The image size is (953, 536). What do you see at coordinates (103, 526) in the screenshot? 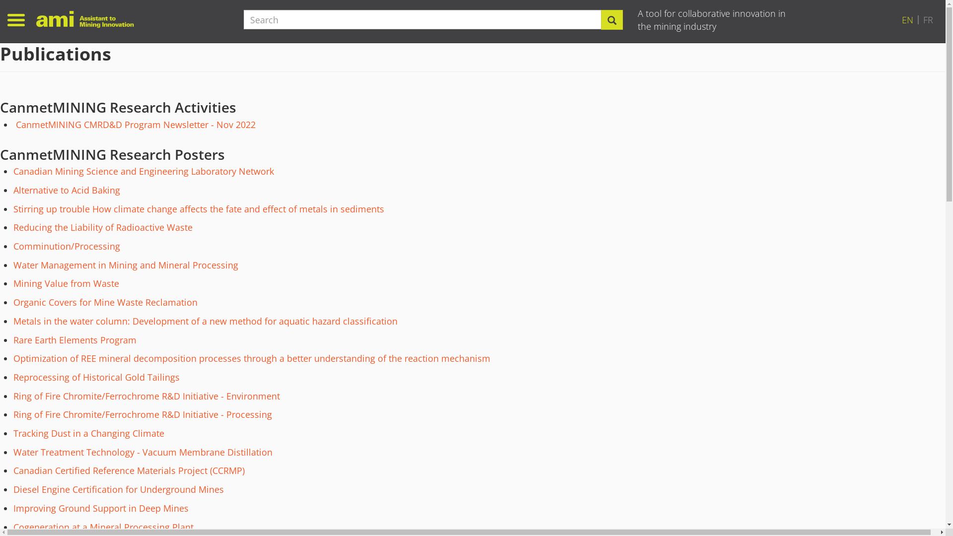
I see `'Cogeneration at a Mineral Processing Plant'` at bounding box center [103, 526].